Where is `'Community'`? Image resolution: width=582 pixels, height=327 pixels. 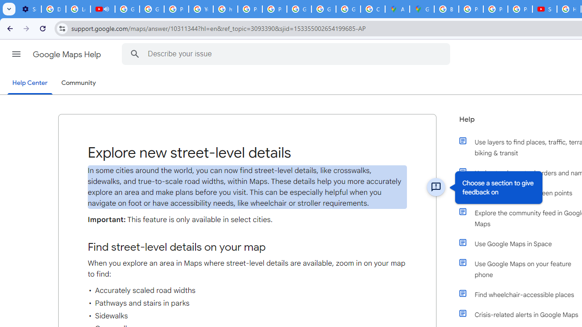
'Community' is located at coordinates (78, 83).